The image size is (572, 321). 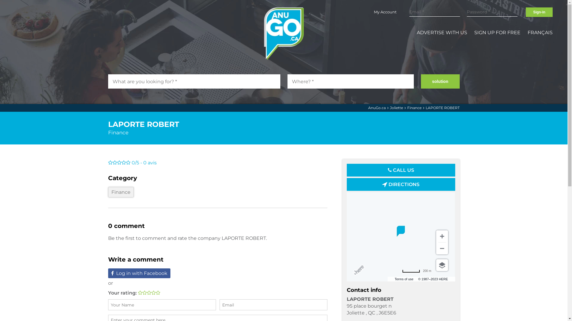 What do you see at coordinates (377, 108) in the screenshot?
I see `'AnuGo.ca'` at bounding box center [377, 108].